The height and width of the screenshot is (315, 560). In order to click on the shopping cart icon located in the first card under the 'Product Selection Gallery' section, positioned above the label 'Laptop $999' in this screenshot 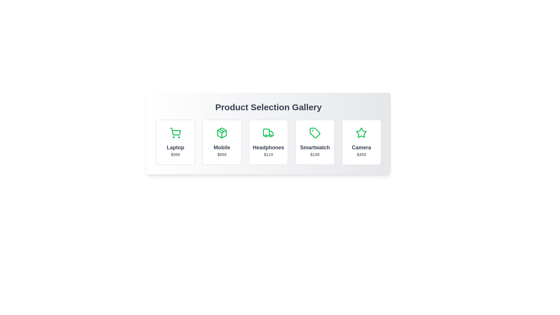, I will do `click(175, 132)`.